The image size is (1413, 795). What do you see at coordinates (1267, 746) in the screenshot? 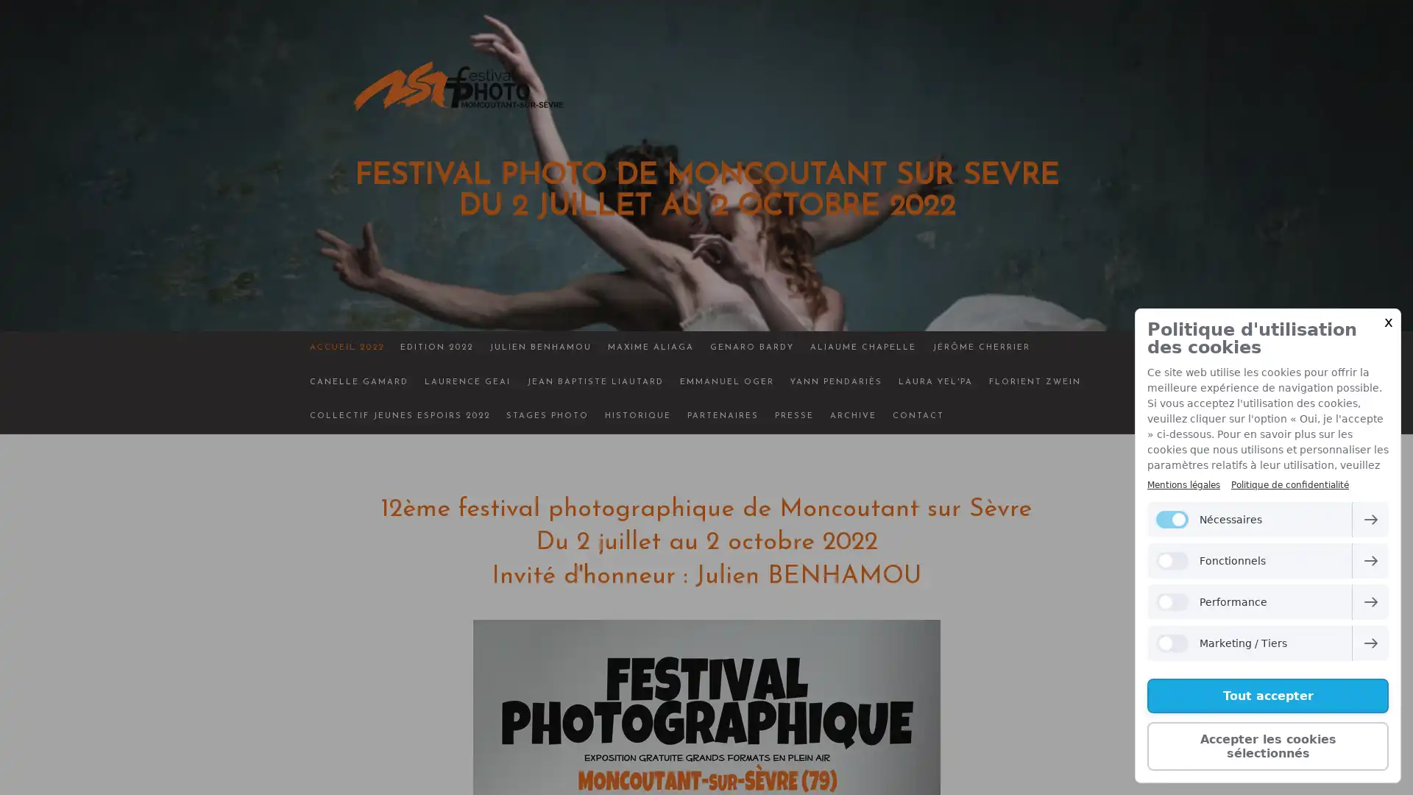
I see `Accepter les cookies selectionnes` at bounding box center [1267, 746].